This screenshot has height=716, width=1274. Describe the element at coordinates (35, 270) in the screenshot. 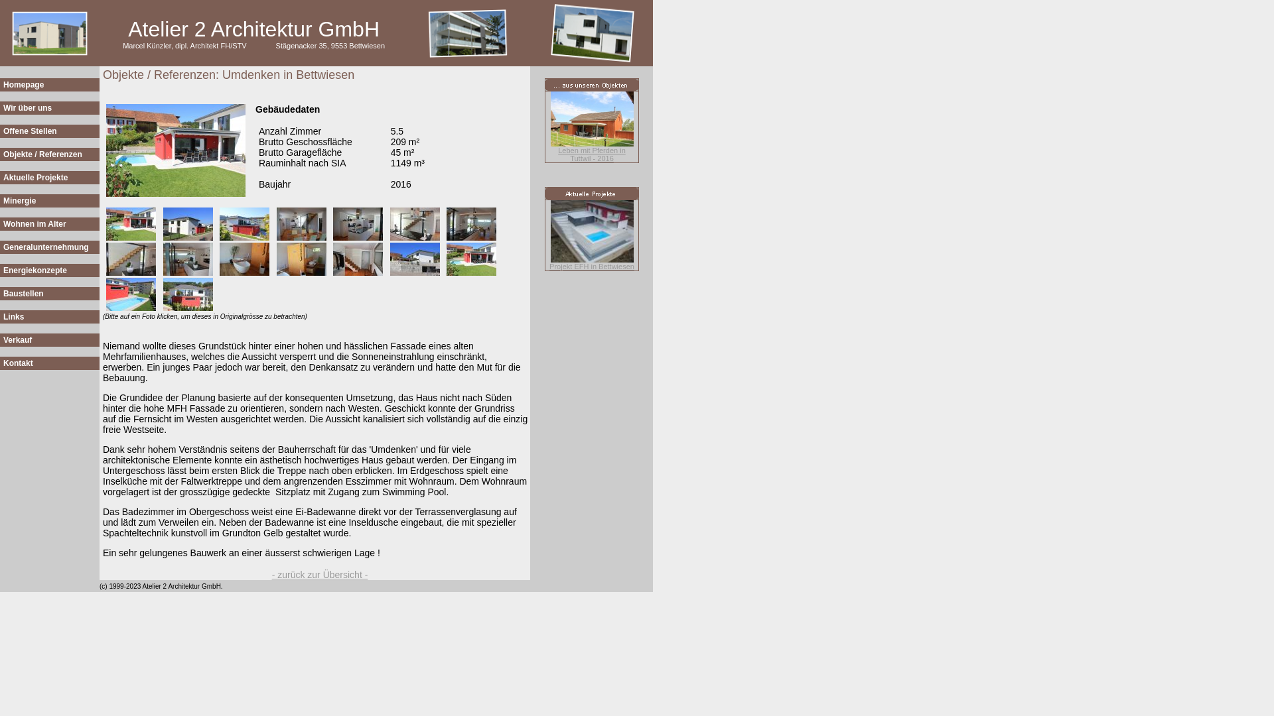

I see `'Energiekonzepte'` at that location.